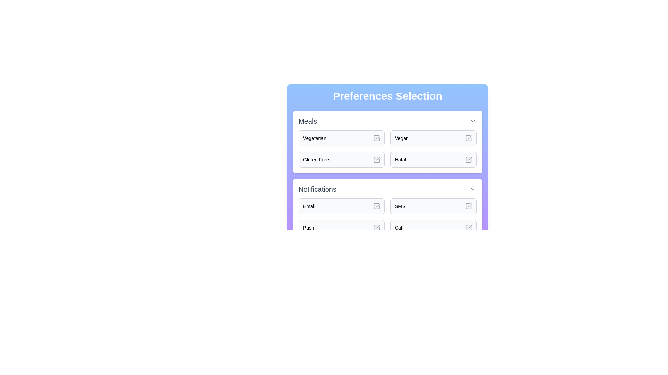  Describe the element at coordinates (433, 206) in the screenshot. I see `the second card in the 'Notifications' section` at that location.